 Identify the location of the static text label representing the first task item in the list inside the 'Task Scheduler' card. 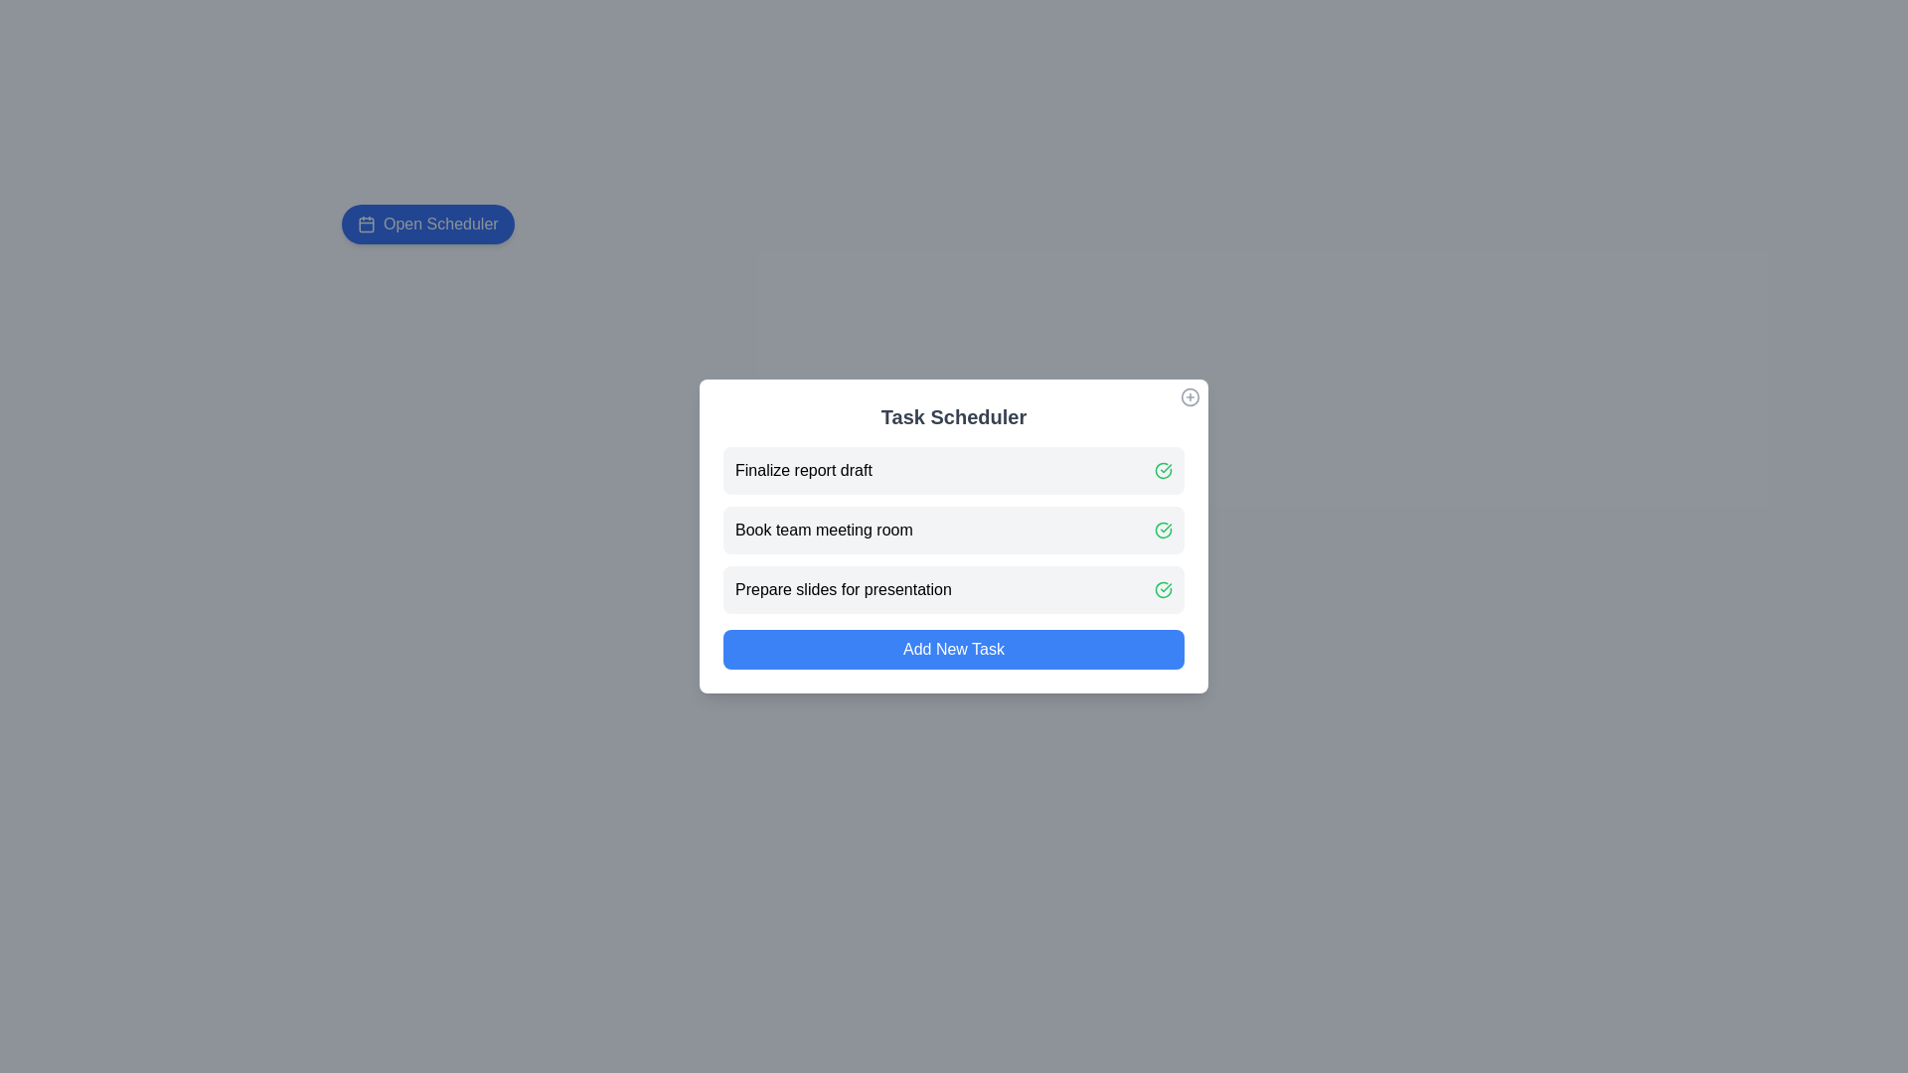
(803, 471).